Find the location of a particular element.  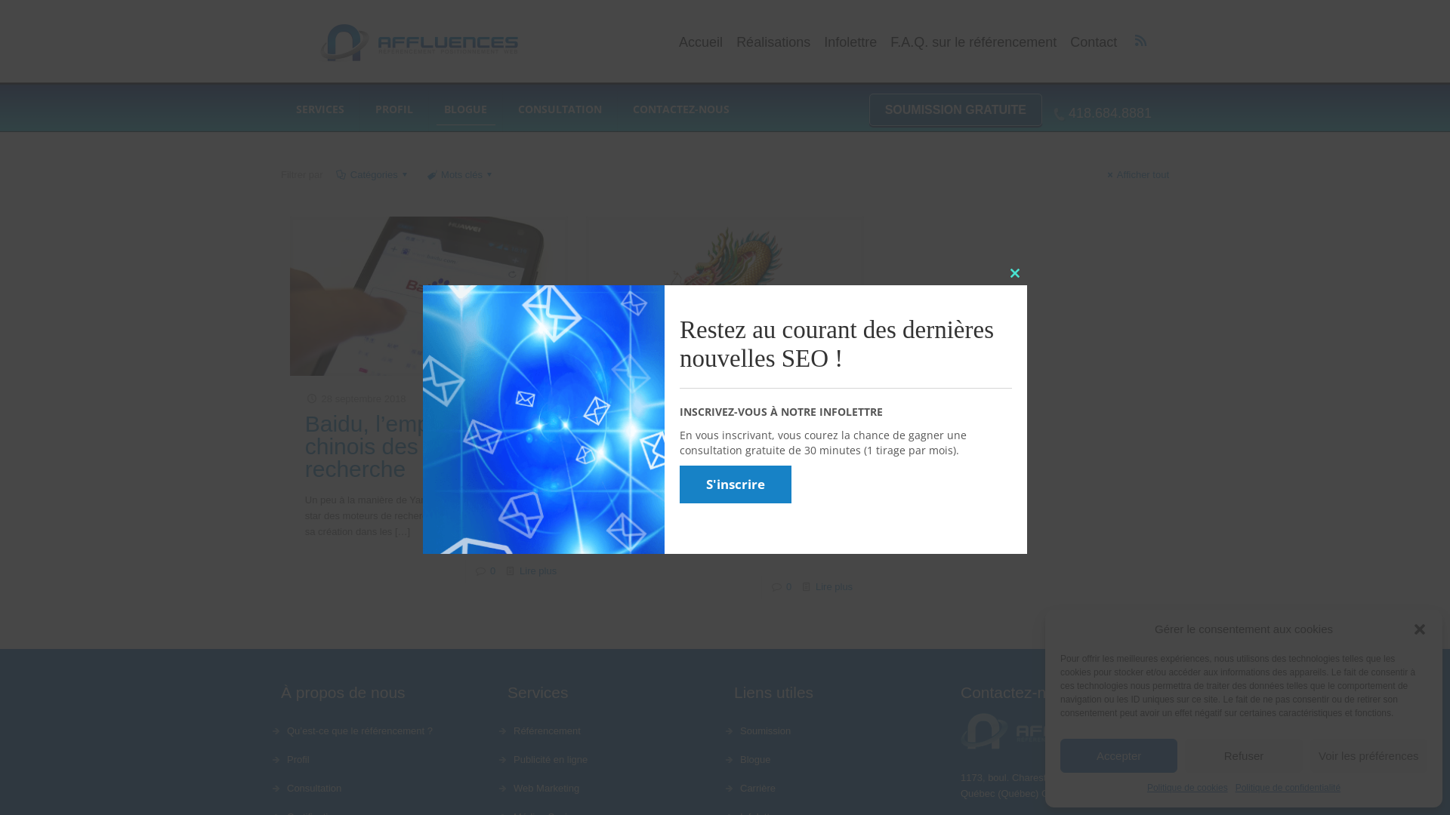

'Afficher tout' is located at coordinates (1136, 174).